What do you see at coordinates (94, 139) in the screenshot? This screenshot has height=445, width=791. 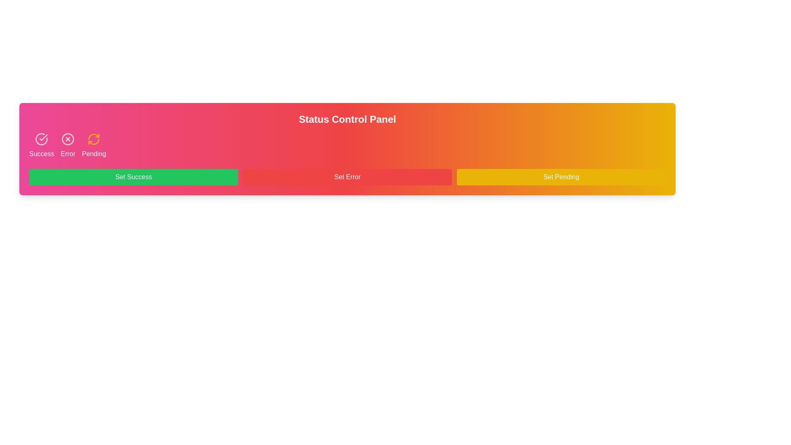 I see `the circular refresh icon with yellow arrows on a pink background` at bounding box center [94, 139].